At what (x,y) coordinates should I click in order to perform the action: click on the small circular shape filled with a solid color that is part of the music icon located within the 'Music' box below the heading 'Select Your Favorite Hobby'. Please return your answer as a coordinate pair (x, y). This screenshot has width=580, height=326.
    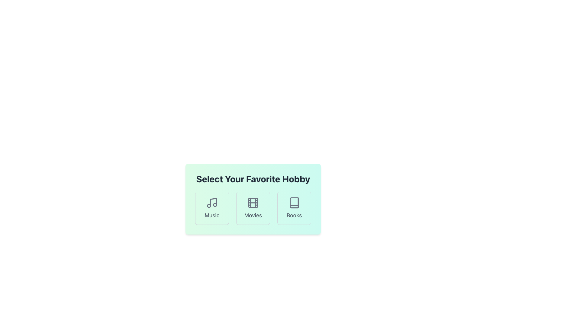
    Looking at the image, I should click on (215, 204).